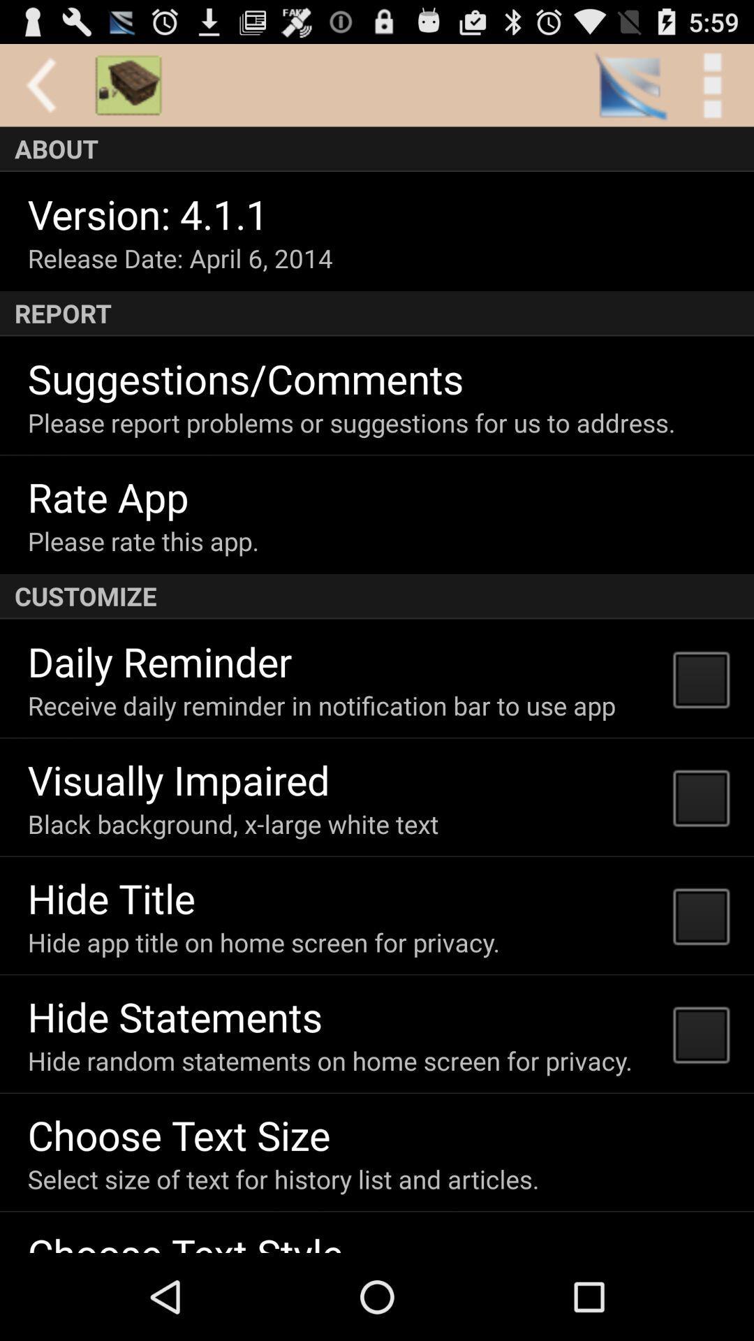 This screenshot has width=754, height=1341. What do you see at coordinates (232, 823) in the screenshot?
I see `app below the visually impaired` at bounding box center [232, 823].